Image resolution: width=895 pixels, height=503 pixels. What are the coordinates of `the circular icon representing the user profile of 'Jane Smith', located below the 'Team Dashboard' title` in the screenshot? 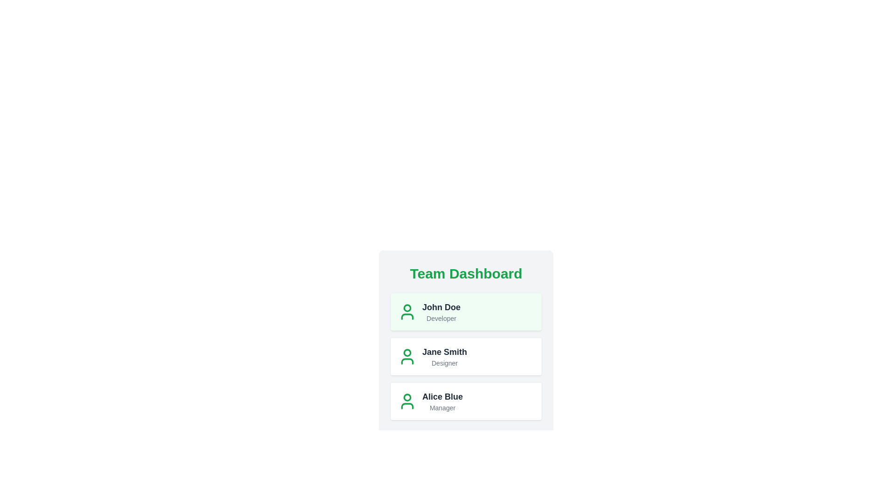 It's located at (407, 352).